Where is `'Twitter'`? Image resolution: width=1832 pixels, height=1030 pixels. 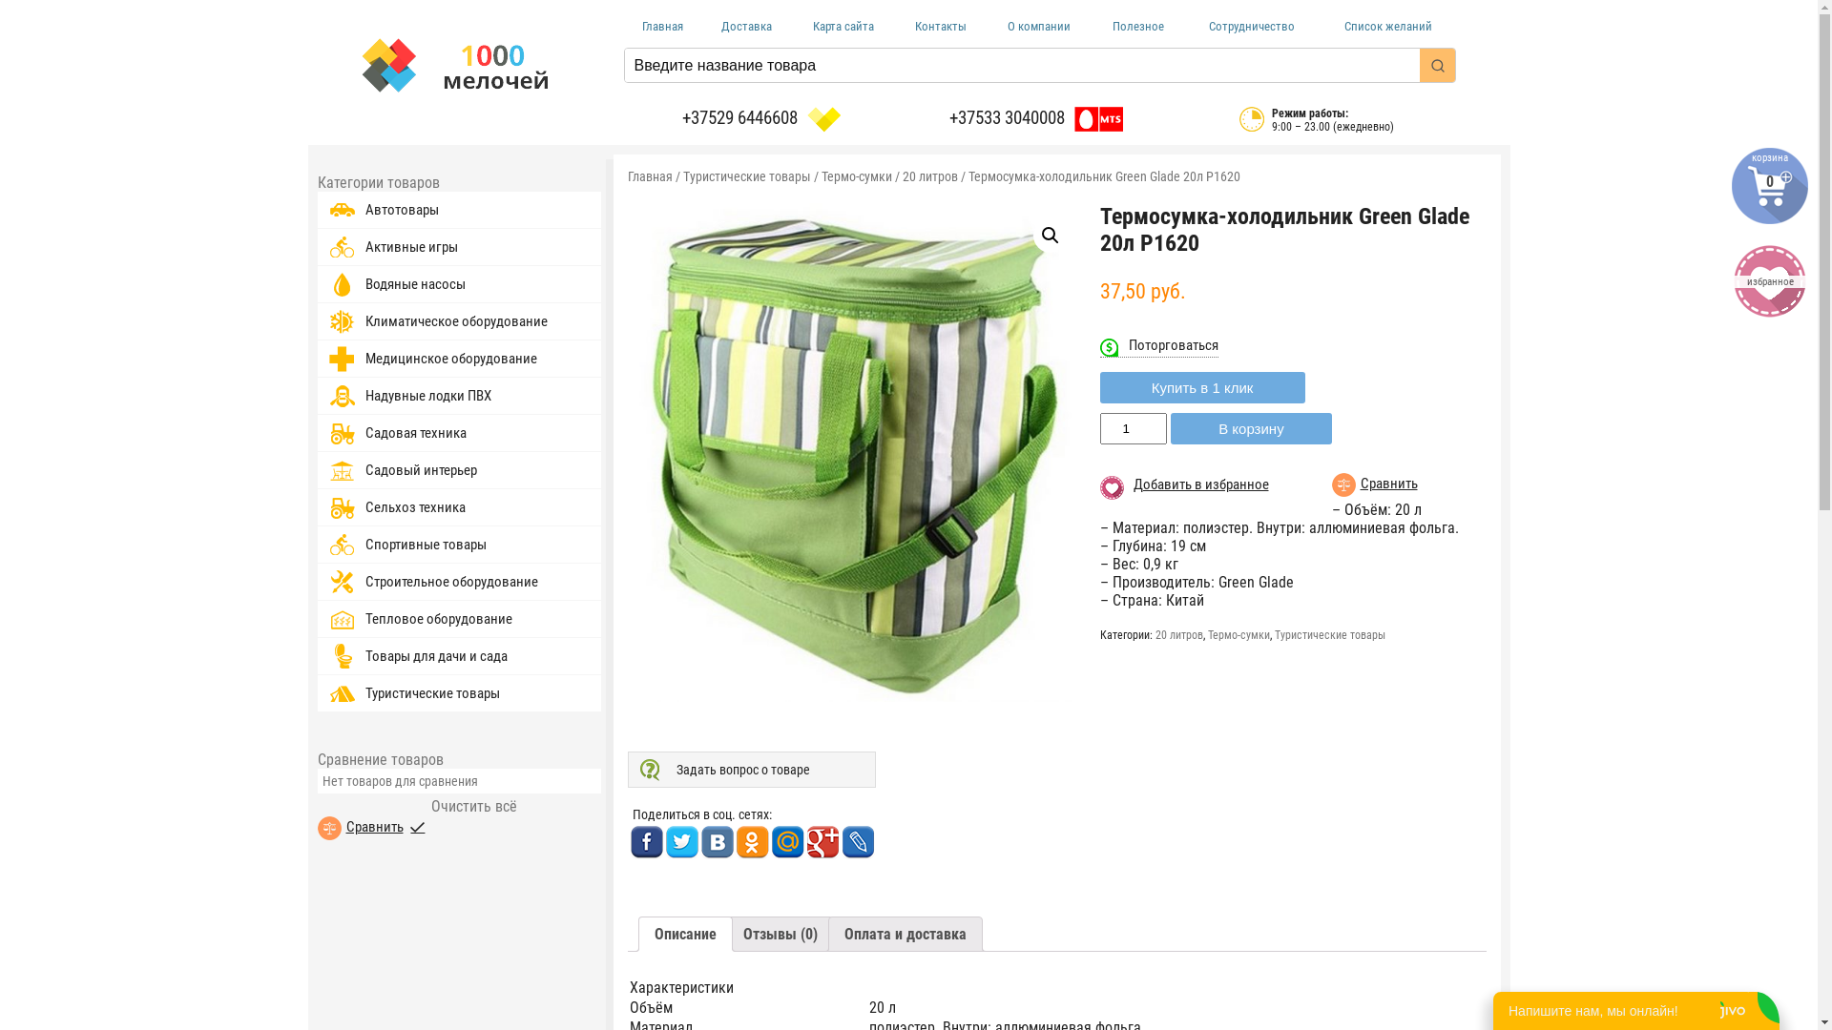 'Twitter' is located at coordinates (680, 841).